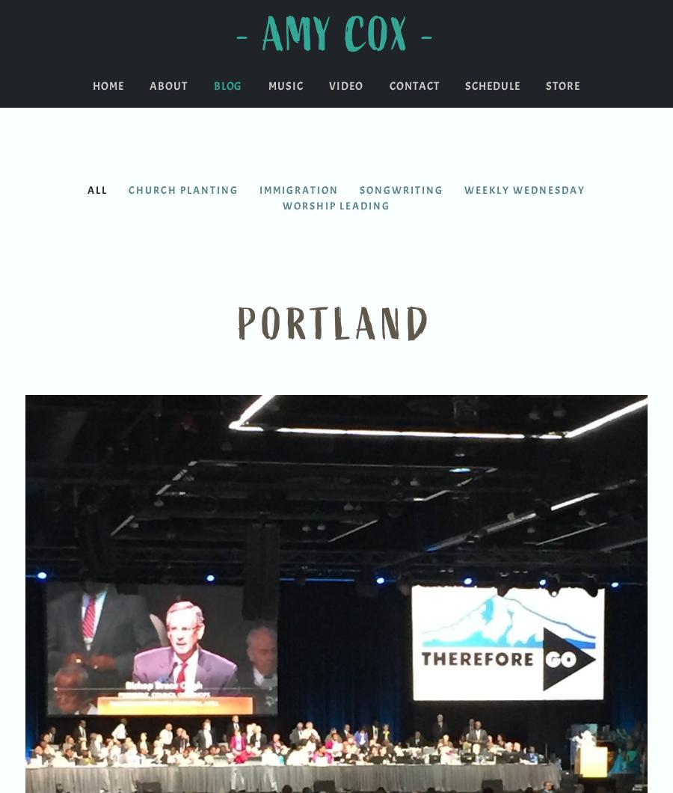  Describe the element at coordinates (464, 86) in the screenshot. I see `'Schedule'` at that location.